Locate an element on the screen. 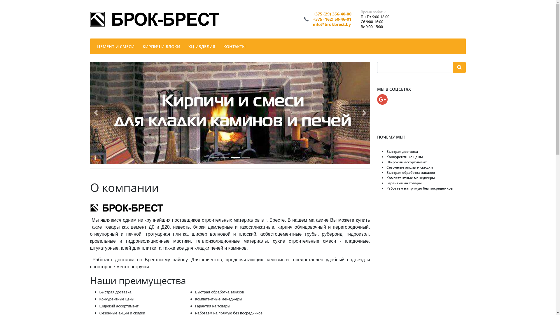 This screenshot has width=560, height=315. ' ' is located at coordinates (459, 67).